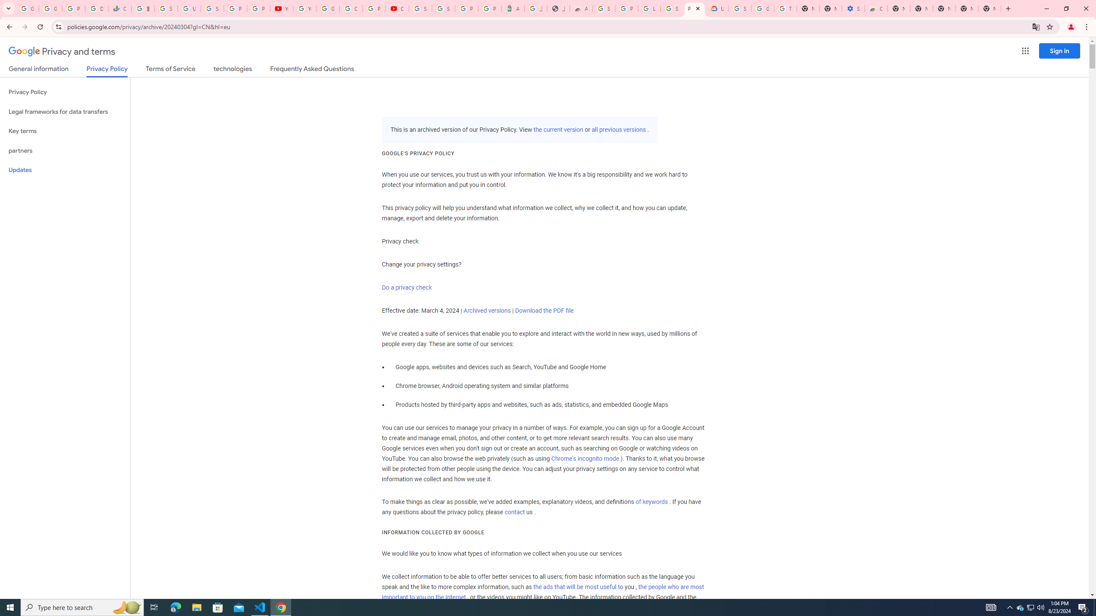 This screenshot has width=1096, height=616. Describe the element at coordinates (311, 70) in the screenshot. I see `'Frequently Asked Questions'` at that location.